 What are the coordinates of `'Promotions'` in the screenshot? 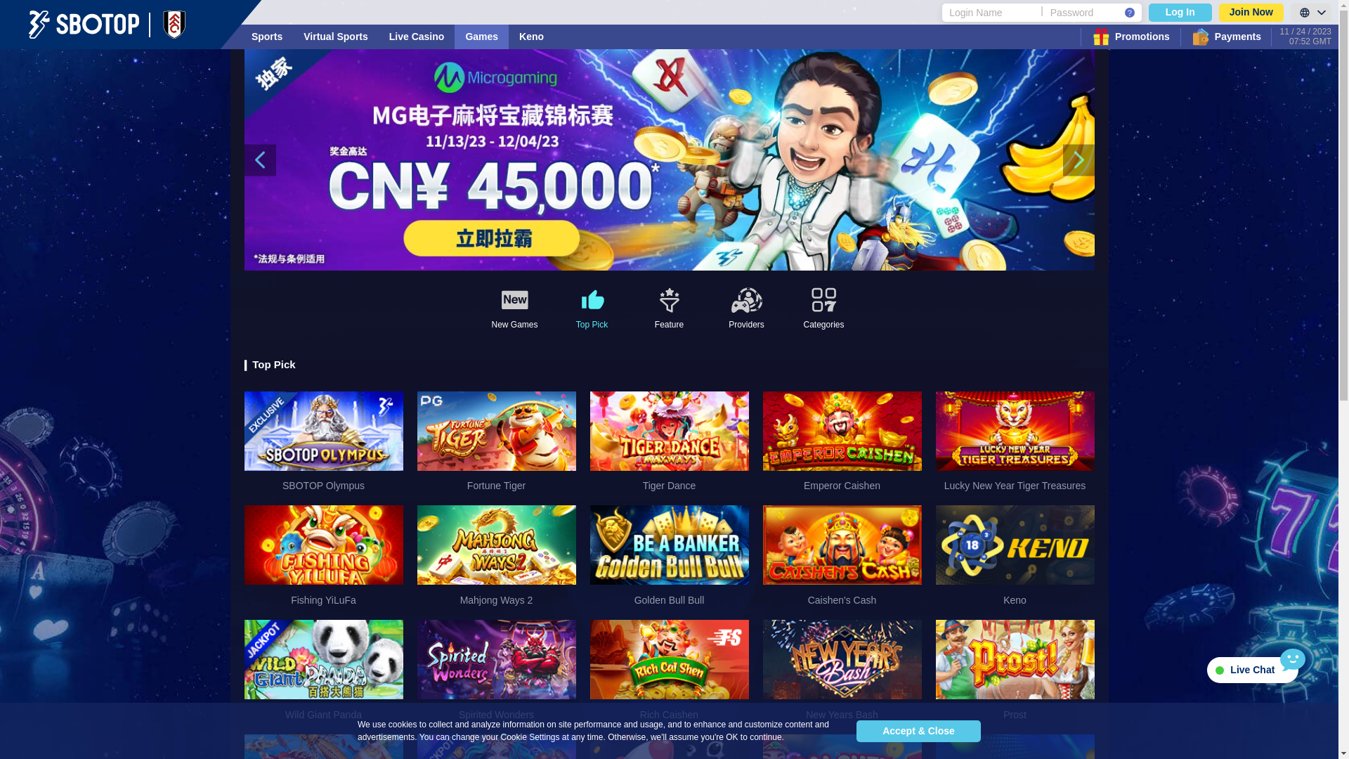 It's located at (1130, 36).